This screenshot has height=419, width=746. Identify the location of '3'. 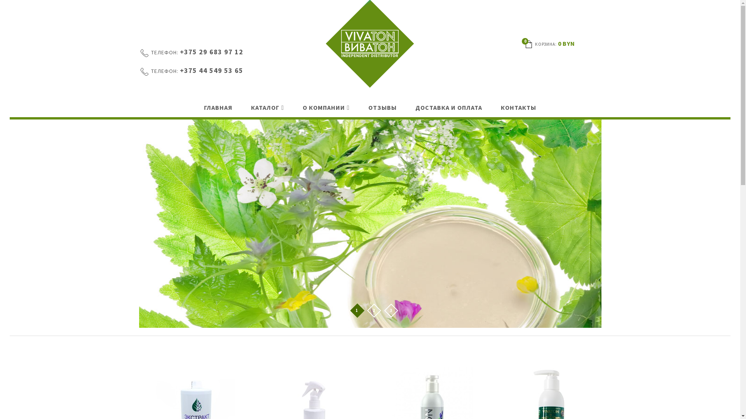
(391, 311).